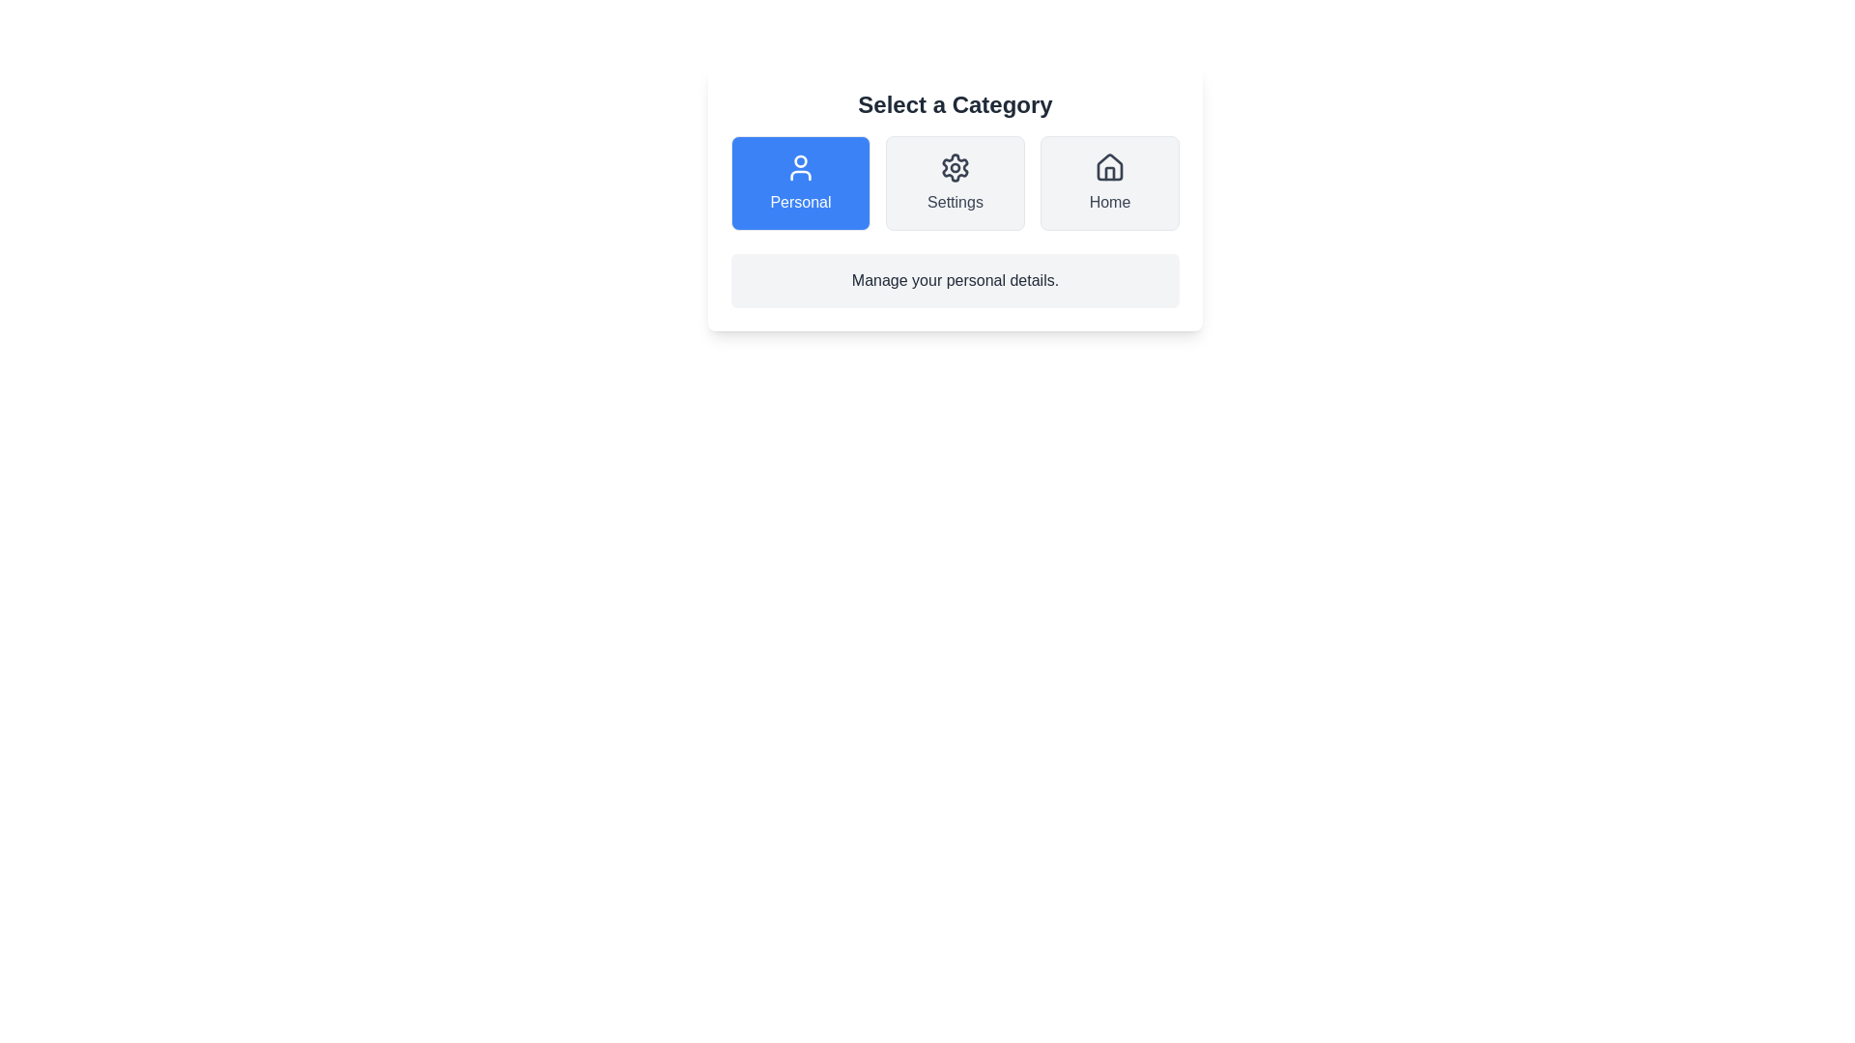 This screenshot has height=1043, width=1855. Describe the element at coordinates (801, 183) in the screenshot. I see `the Personal button to observe the hover effect` at that location.